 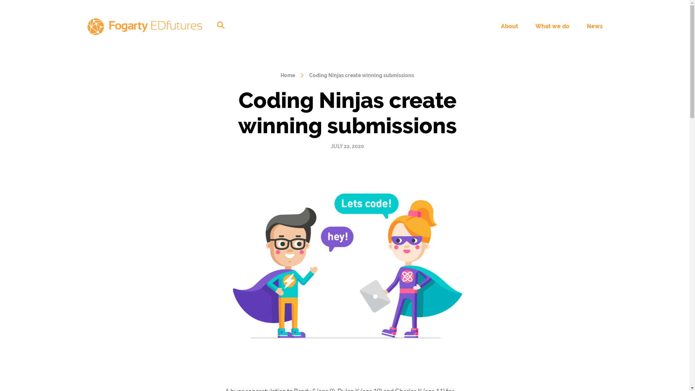 What do you see at coordinates (552, 26) in the screenshot?
I see `'What we do'` at bounding box center [552, 26].